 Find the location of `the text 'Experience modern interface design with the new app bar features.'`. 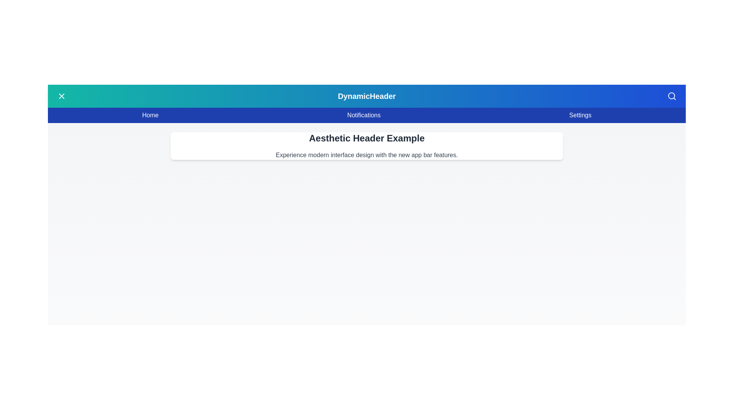

the text 'Experience modern interface design with the new app bar features.' is located at coordinates (366, 155).